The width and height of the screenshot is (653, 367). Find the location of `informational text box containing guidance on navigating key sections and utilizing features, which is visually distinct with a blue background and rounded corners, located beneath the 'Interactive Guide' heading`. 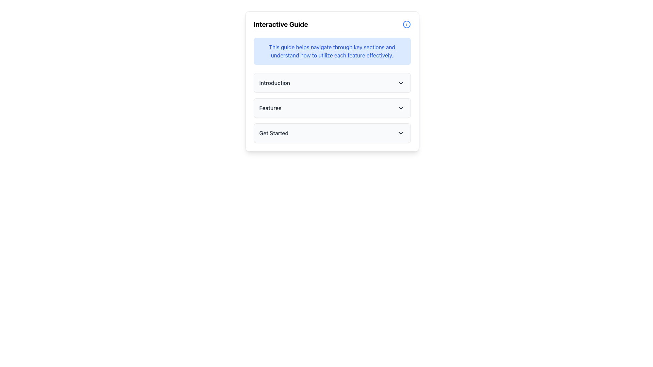

informational text box containing guidance on navigating key sections and utilizing features, which is visually distinct with a blue background and rounded corners, located beneath the 'Interactive Guide' heading is located at coordinates (332, 51).